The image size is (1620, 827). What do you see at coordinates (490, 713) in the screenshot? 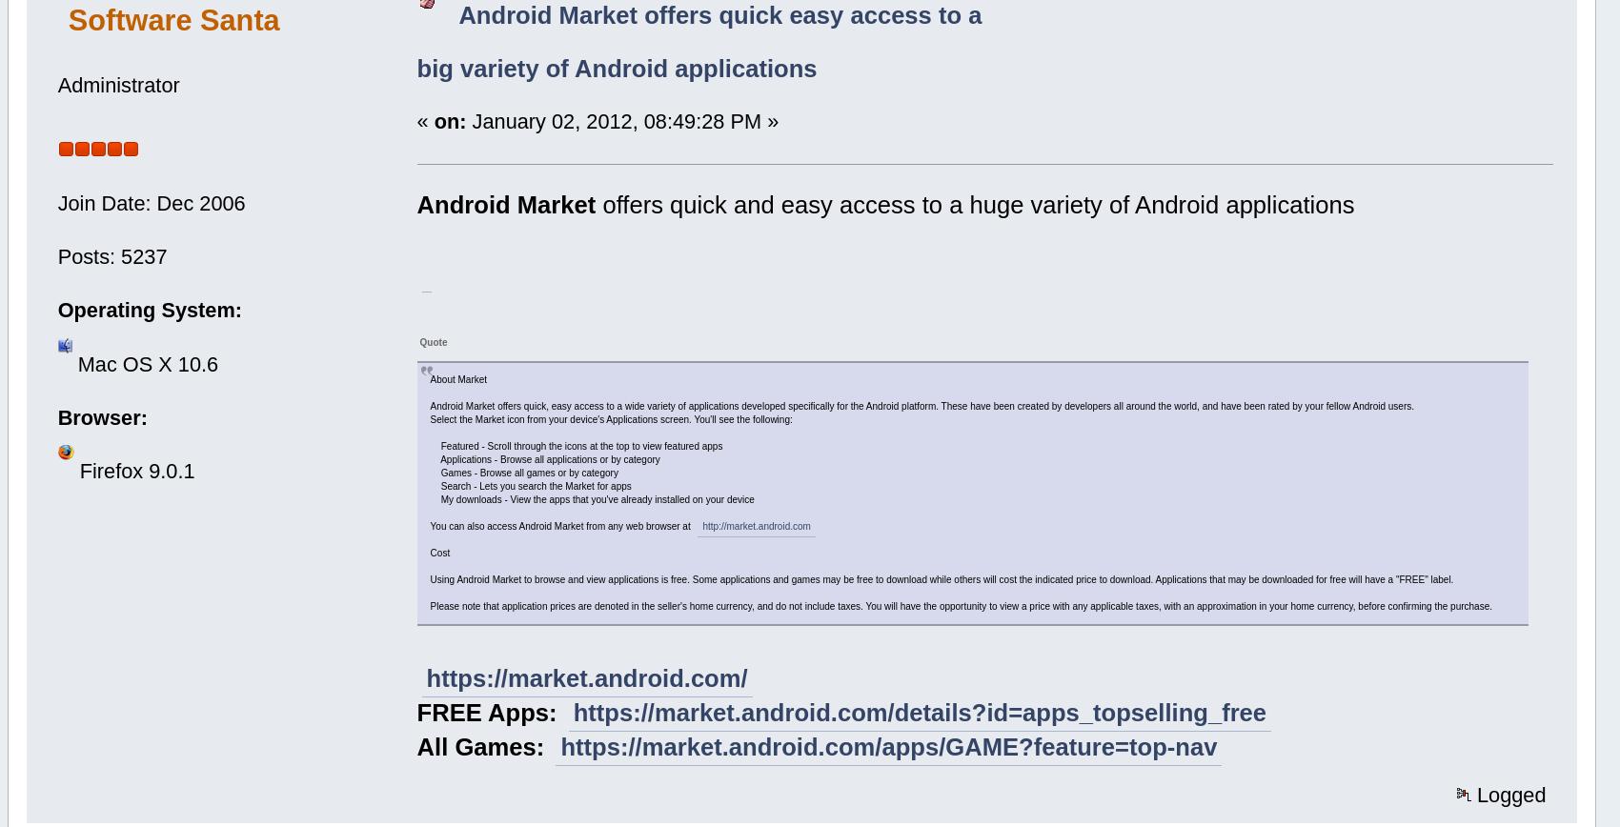
I see `'FREE Apps:'` at bounding box center [490, 713].